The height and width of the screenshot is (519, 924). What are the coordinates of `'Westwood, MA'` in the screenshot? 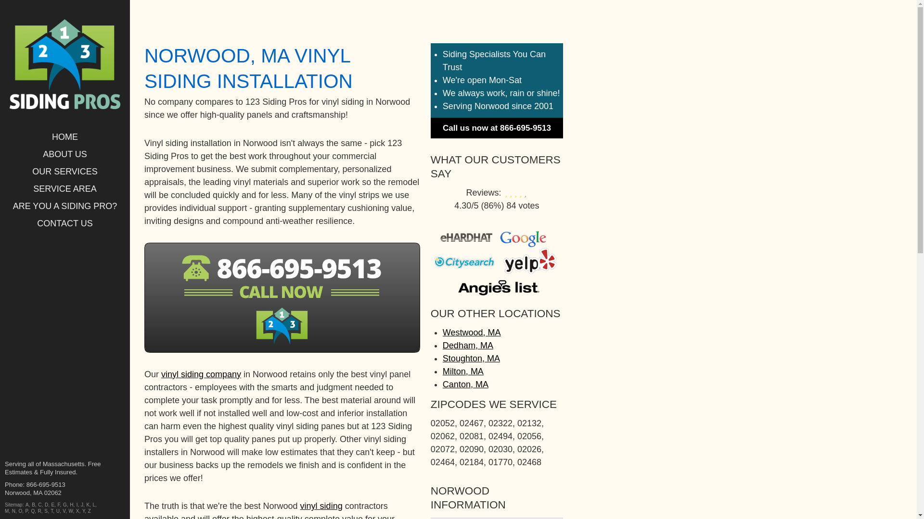 It's located at (472, 332).